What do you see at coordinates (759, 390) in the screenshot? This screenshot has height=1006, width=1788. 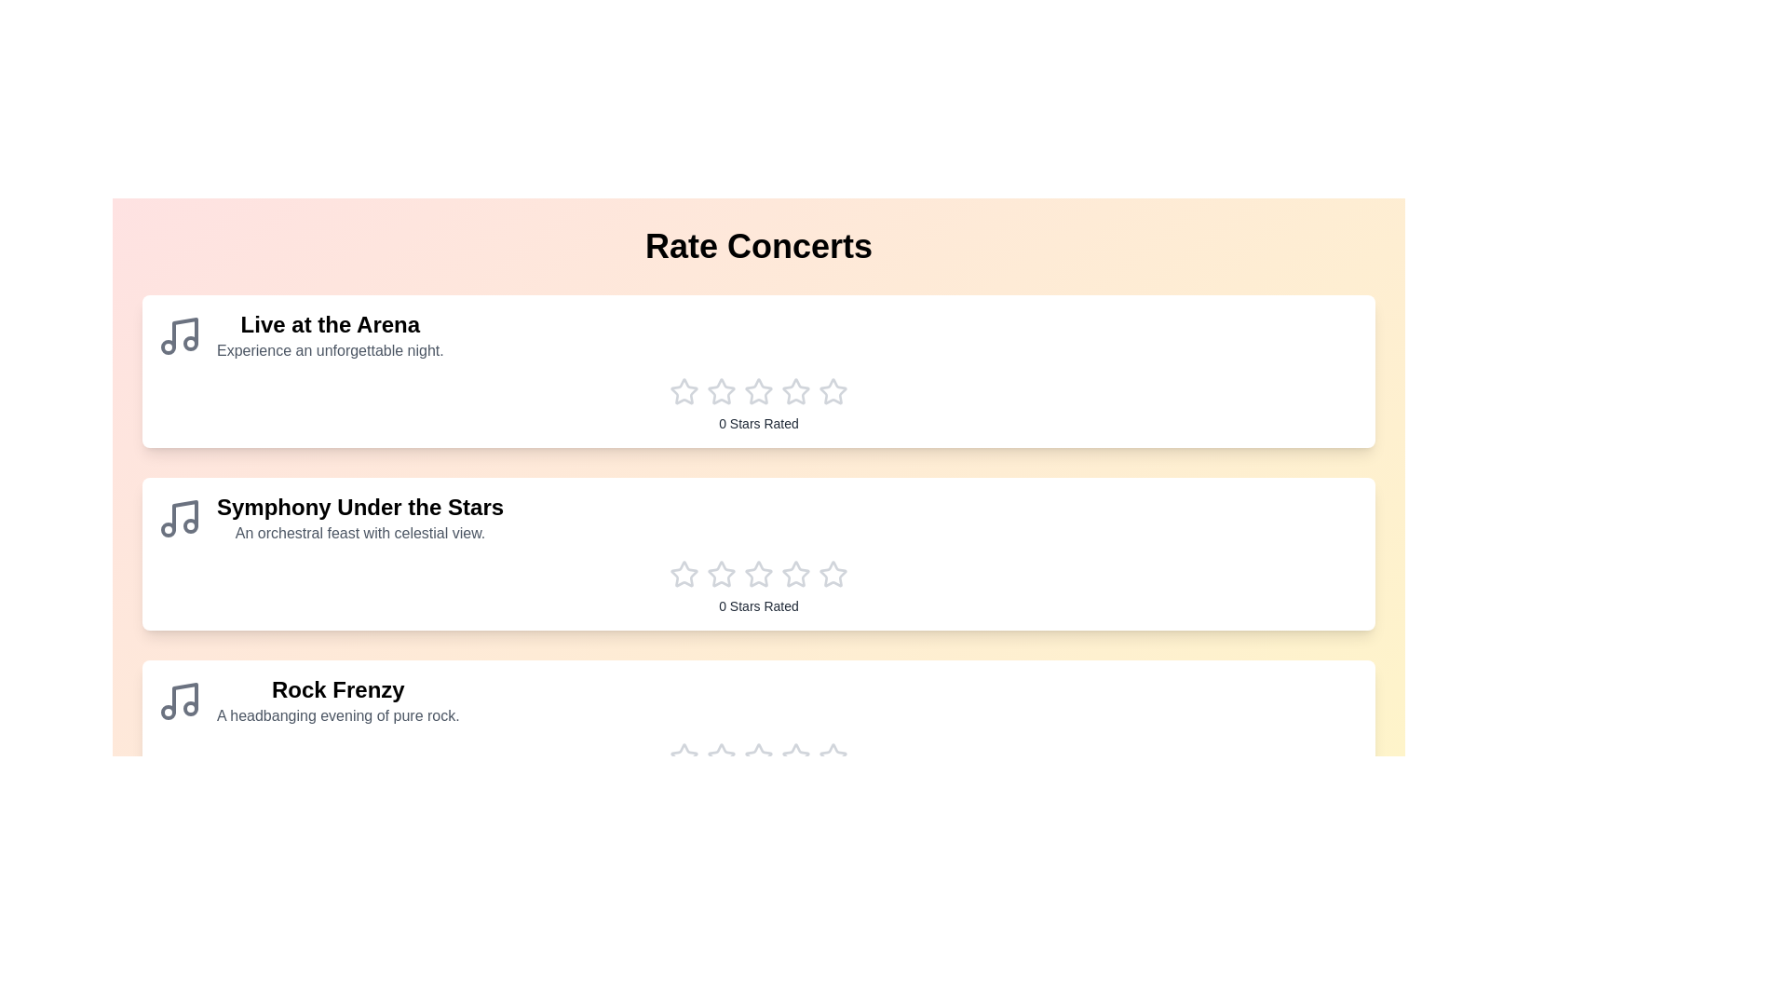 I see `the star corresponding to the rating 3 for the concert Live at the Arena` at bounding box center [759, 390].